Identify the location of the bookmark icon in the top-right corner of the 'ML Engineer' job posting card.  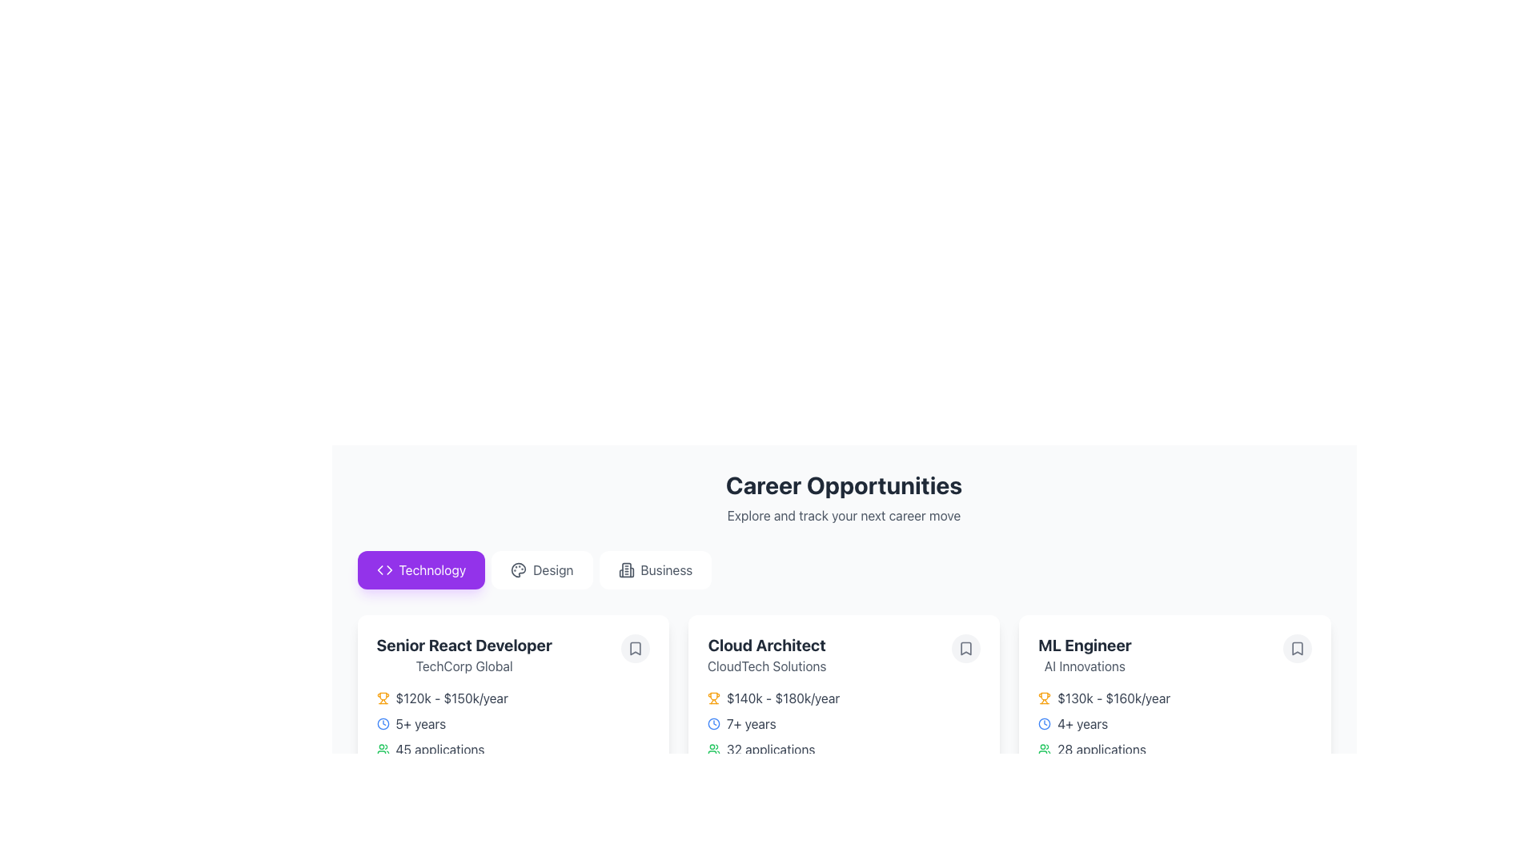
(1297, 649).